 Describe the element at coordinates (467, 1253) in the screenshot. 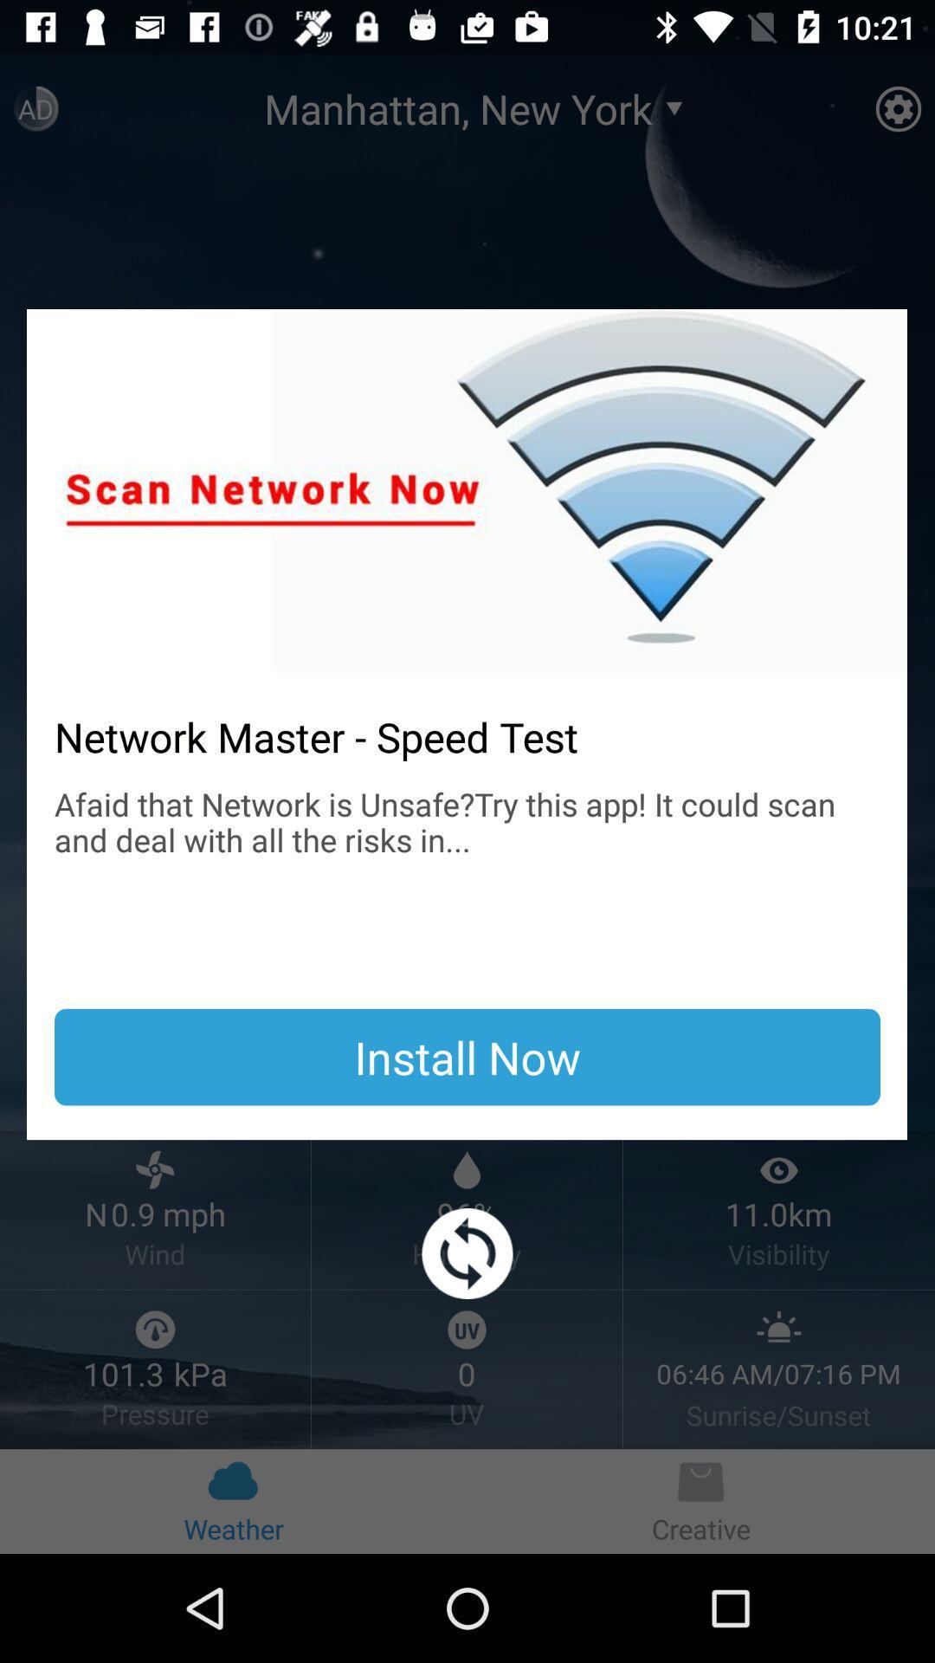

I see `the icon below install now` at that location.